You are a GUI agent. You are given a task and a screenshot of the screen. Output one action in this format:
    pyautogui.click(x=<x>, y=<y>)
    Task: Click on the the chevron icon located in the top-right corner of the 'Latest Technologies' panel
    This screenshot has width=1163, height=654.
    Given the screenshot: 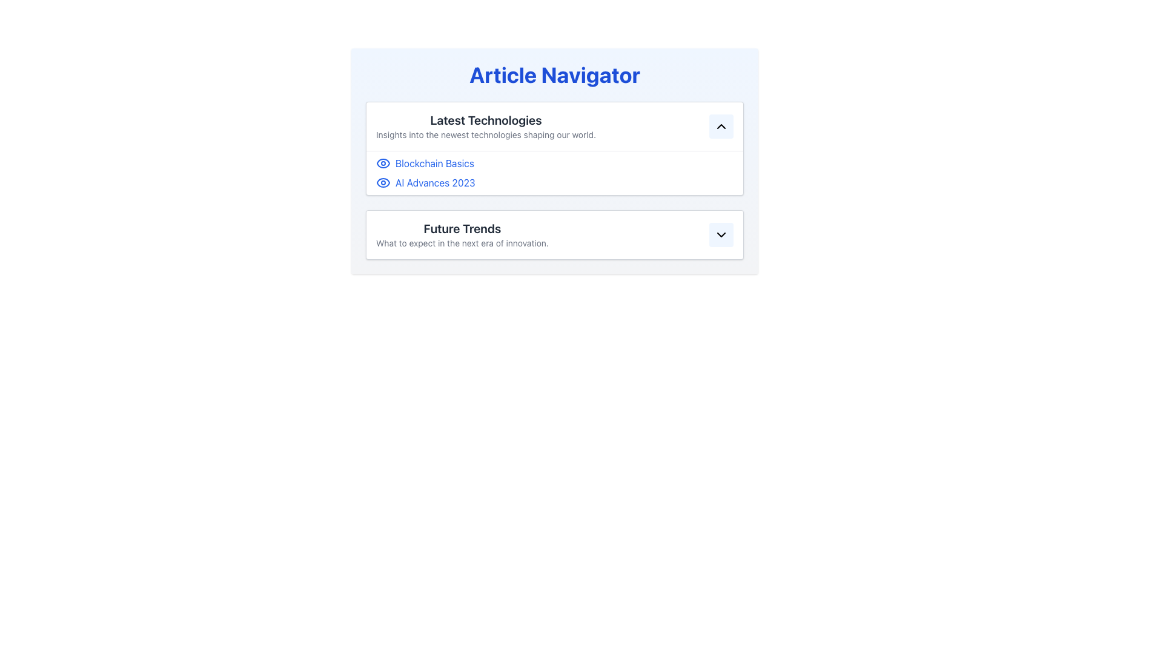 What is the action you would take?
    pyautogui.click(x=721, y=126)
    